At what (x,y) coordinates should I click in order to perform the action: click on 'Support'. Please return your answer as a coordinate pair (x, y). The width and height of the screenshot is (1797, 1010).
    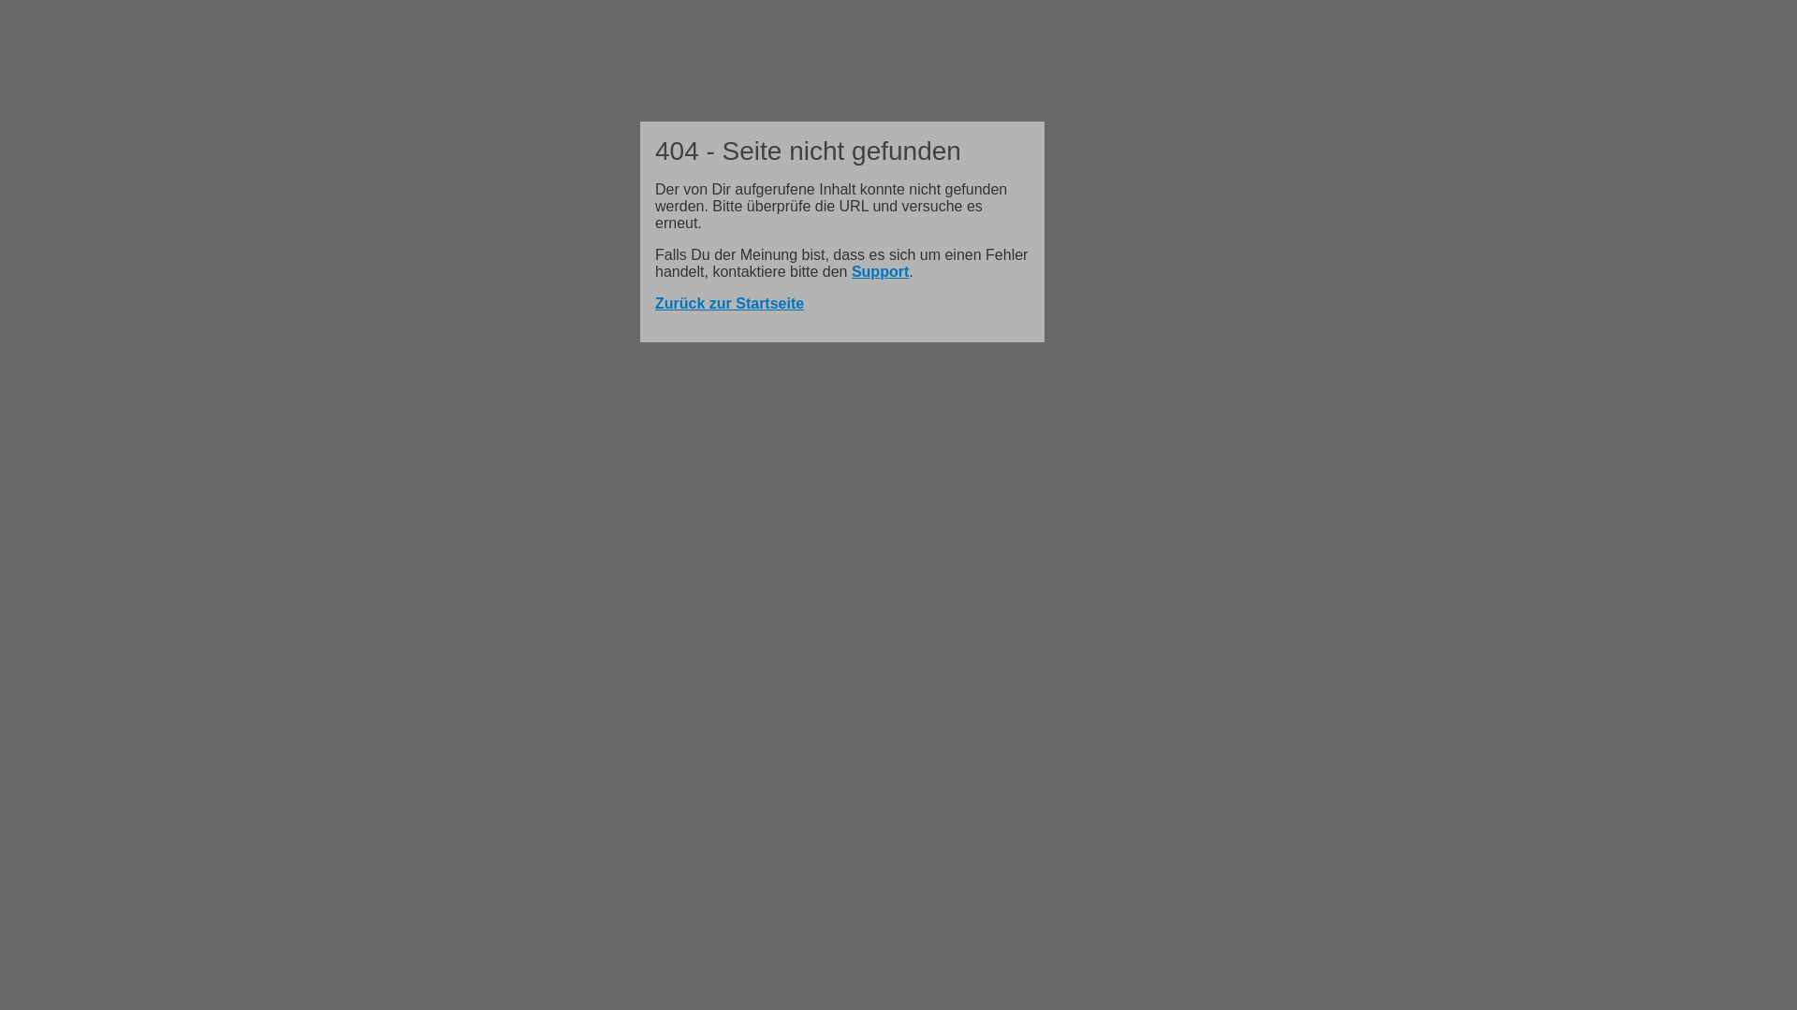
    Looking at the image, I should click on (879, 271).